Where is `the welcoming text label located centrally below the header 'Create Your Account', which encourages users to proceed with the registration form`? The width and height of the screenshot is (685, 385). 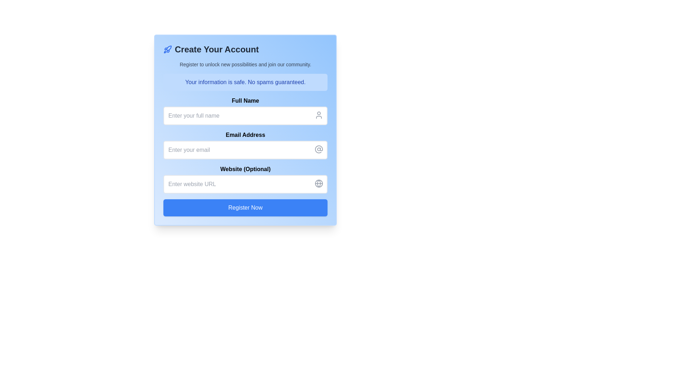
the welcoming text label located centrally below the header 'Create Your Account', which encourages users to proceed with the registration form is located at coordinates (245, 65).